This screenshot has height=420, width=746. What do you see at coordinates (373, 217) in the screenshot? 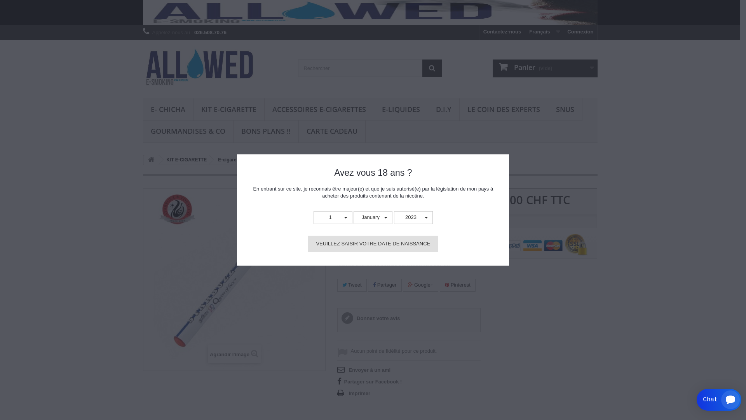
I see `'January` at bounding box center [373, 217].